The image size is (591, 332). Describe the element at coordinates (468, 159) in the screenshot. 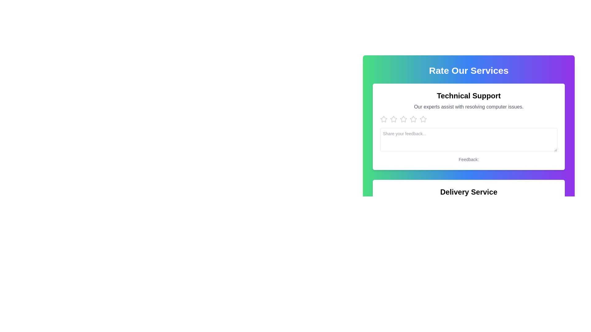

I see `the text label displaying 'Feedback:', which is styled with a small gray font and located below the text input box` at that location.